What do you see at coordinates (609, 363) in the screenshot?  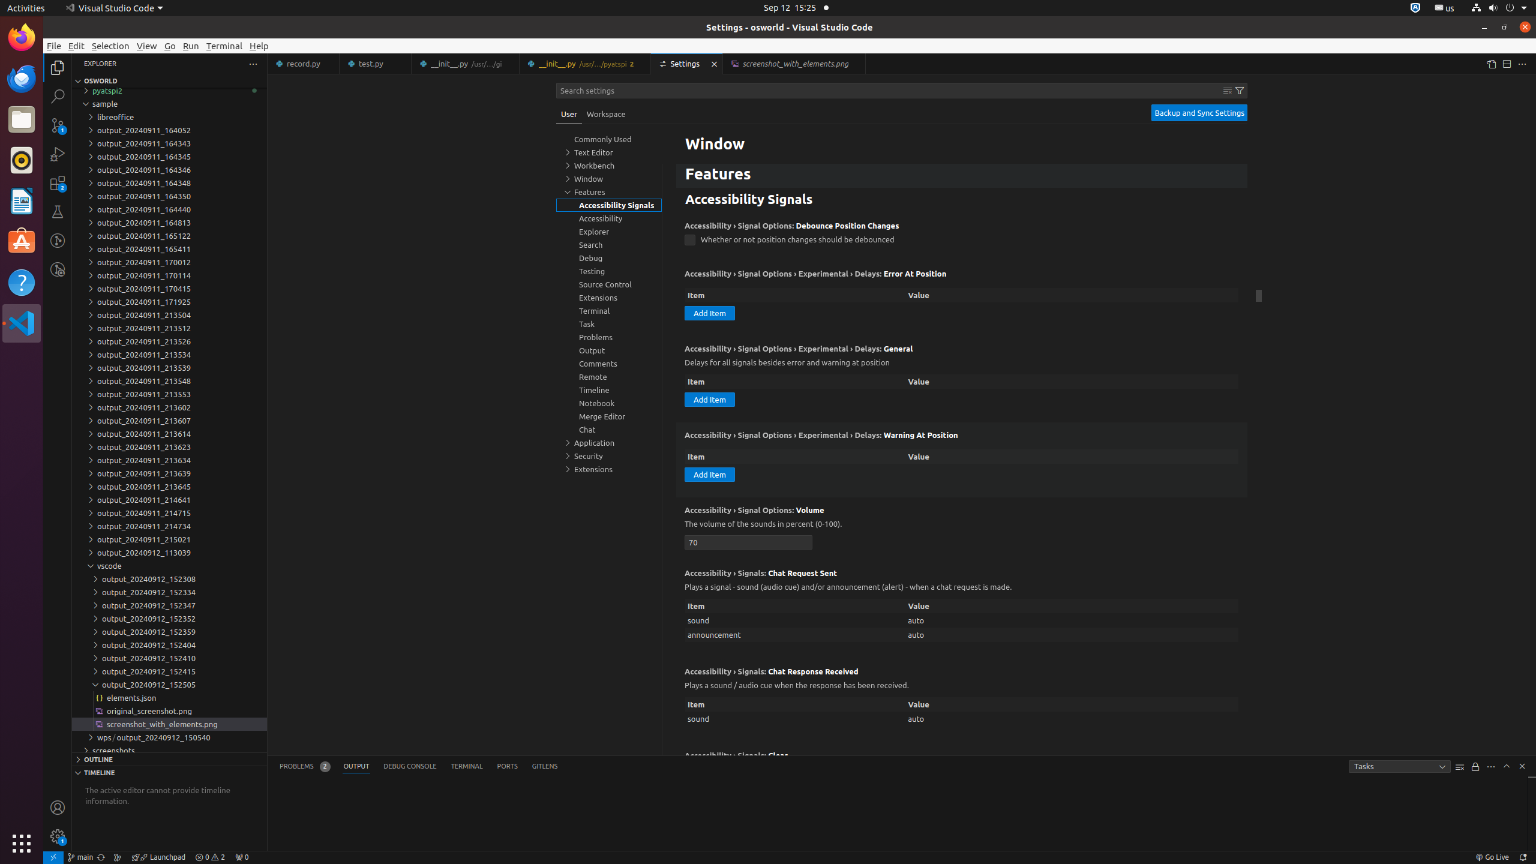 I see `'Comments, group'` at bounding box center [609, 363].